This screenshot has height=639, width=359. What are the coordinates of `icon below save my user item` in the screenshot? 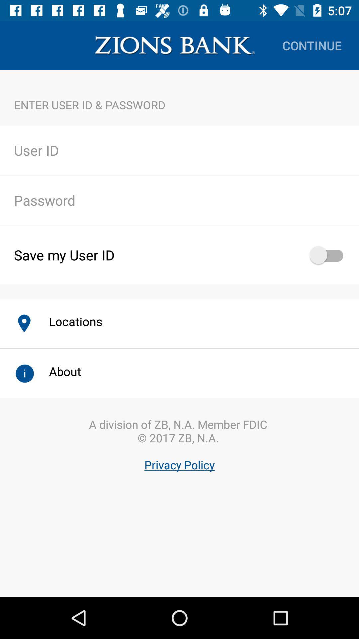 It's located at (68, 321).